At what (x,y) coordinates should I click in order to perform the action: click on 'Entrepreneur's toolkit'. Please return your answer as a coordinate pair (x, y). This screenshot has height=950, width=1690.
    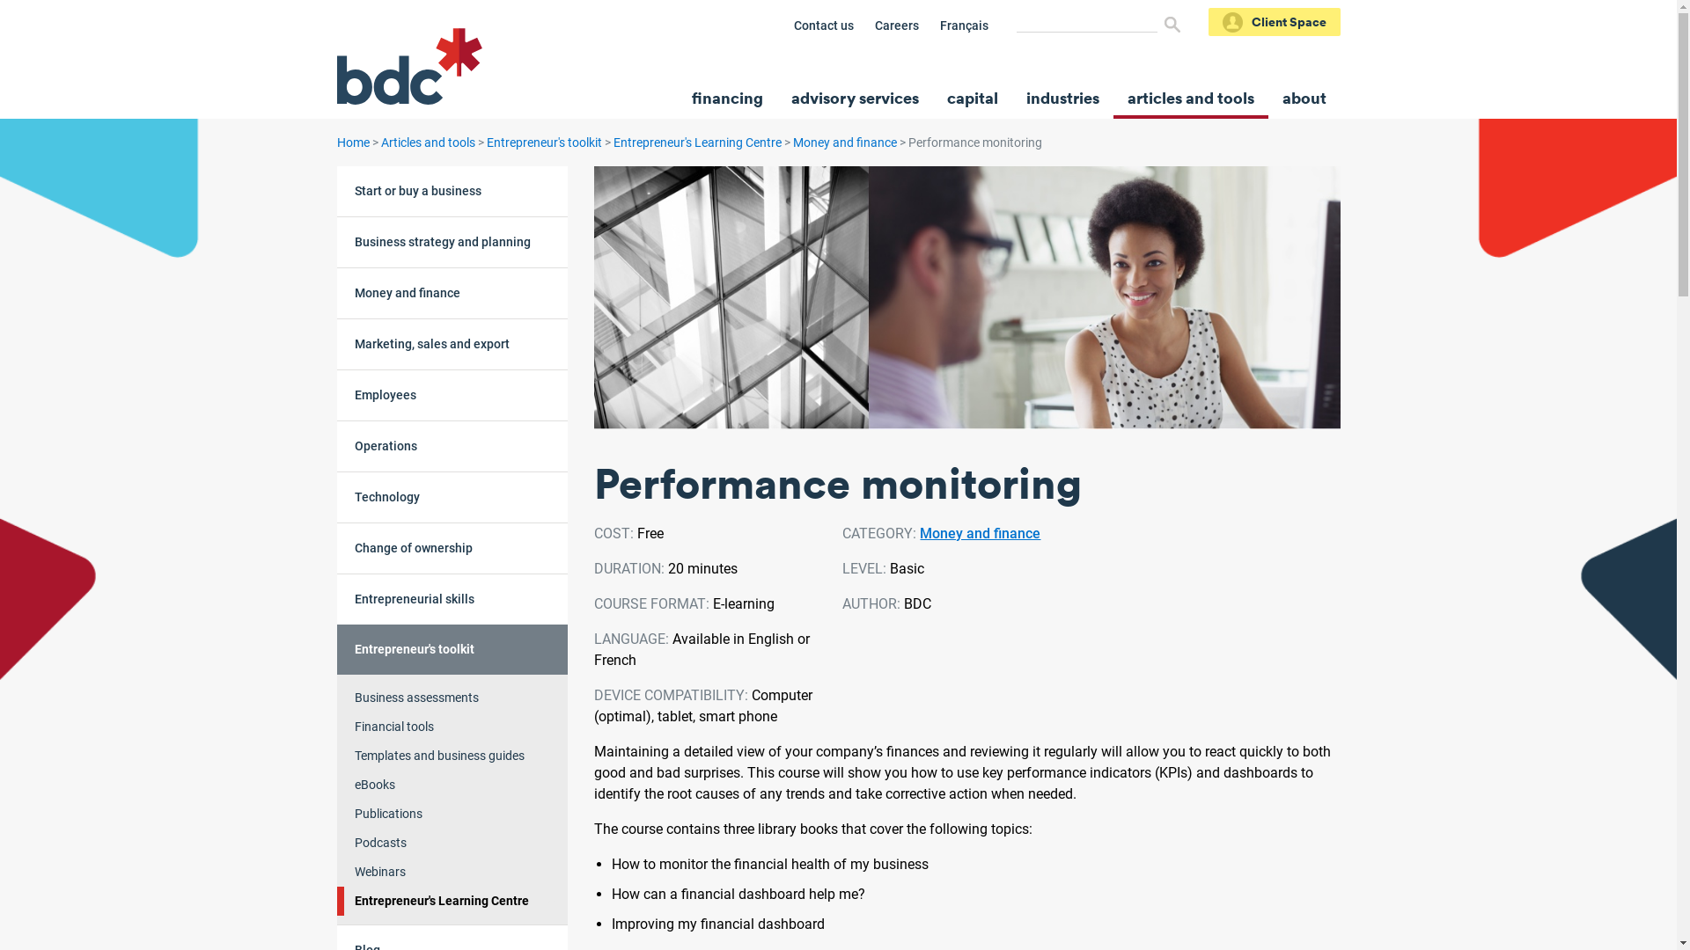
    Looking at the image, I should click on (542, 142).